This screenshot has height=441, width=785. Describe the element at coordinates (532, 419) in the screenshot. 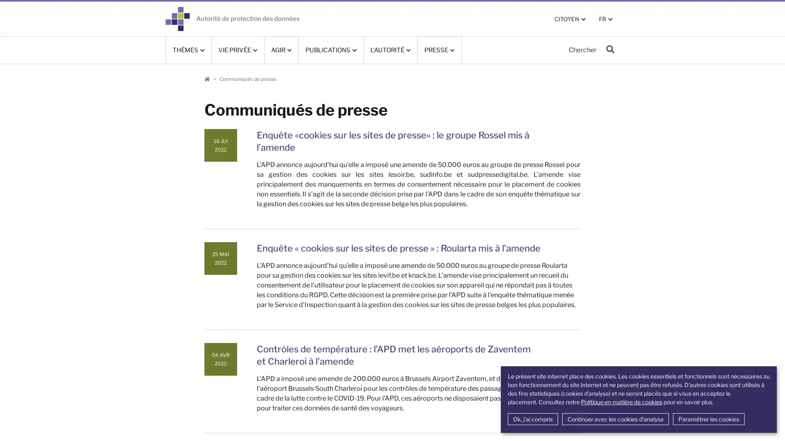

I see `Ok, jai compris` at that location.